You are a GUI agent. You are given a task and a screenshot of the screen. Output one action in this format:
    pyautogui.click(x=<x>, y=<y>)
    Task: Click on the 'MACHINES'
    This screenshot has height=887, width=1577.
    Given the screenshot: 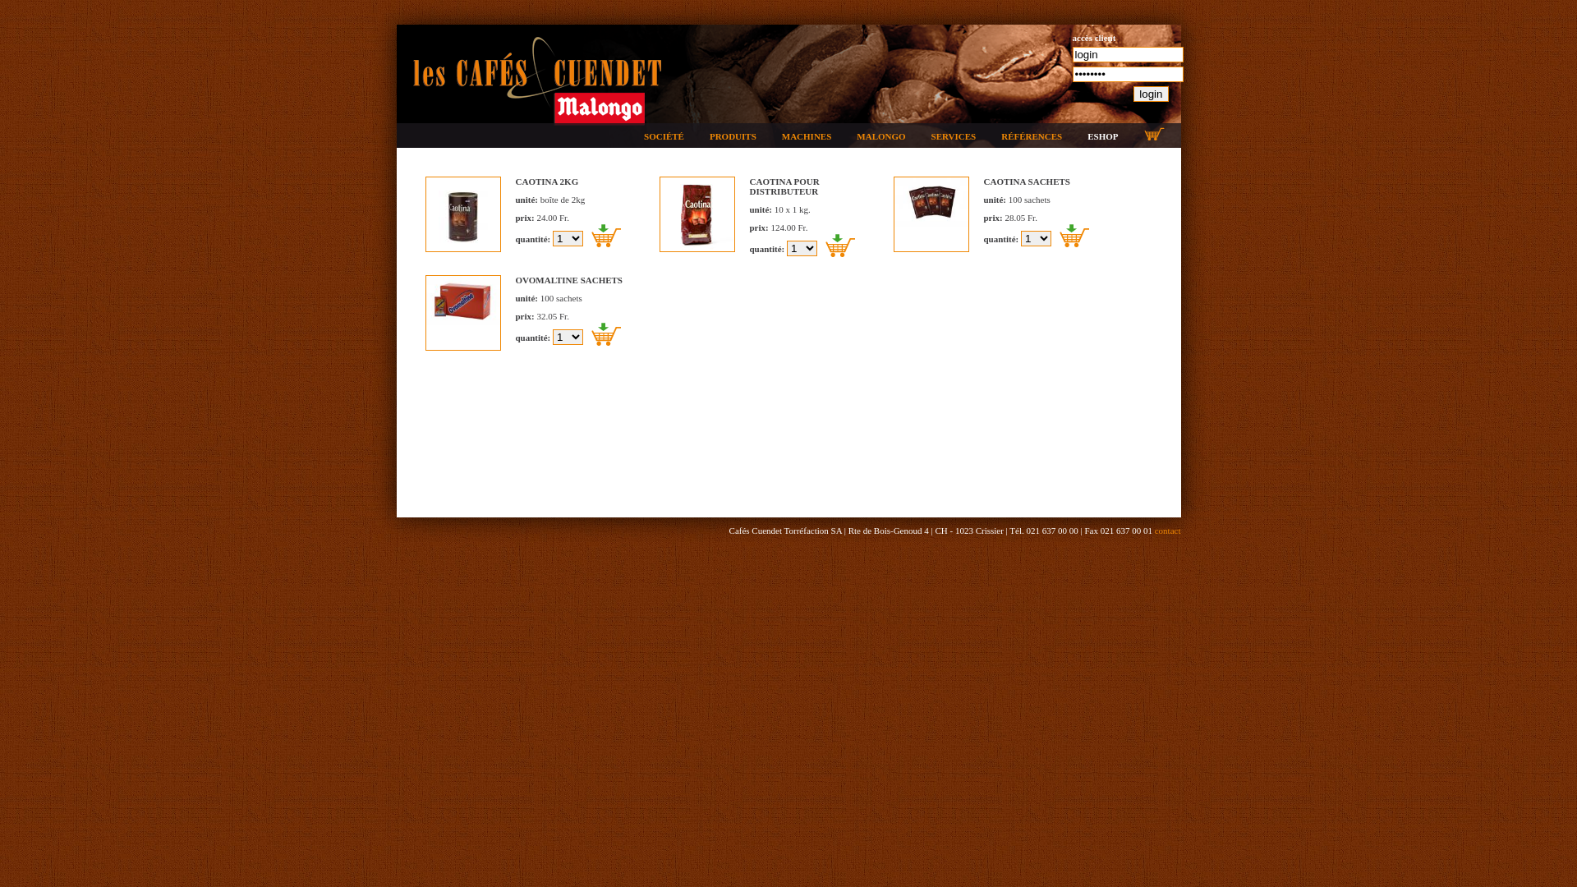 What is the action you would take?
    pyautogui.click(x=807, y=135)
    